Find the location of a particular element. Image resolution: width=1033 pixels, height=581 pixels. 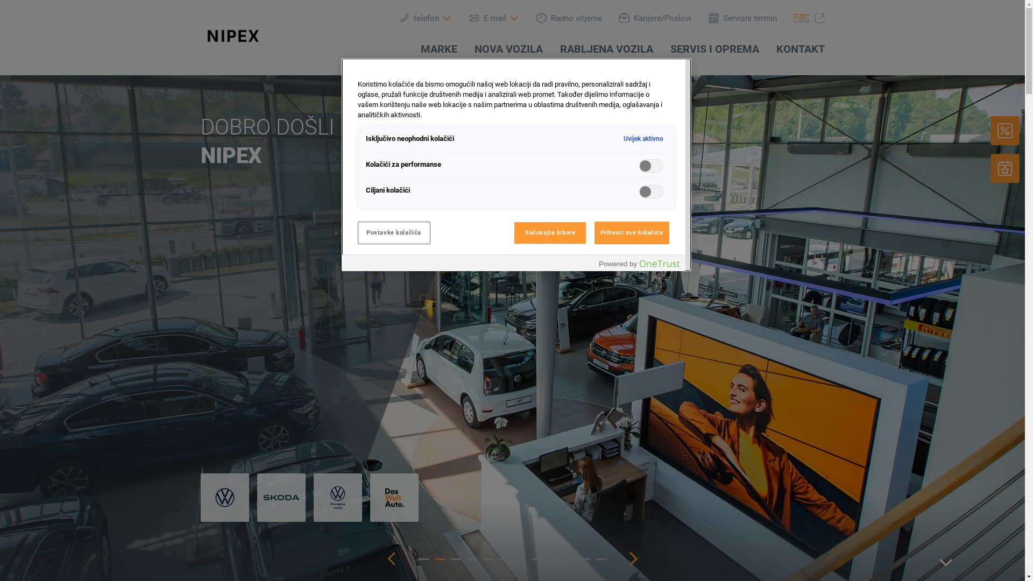

'Servisni termin' is located at coordinates (741, 18).